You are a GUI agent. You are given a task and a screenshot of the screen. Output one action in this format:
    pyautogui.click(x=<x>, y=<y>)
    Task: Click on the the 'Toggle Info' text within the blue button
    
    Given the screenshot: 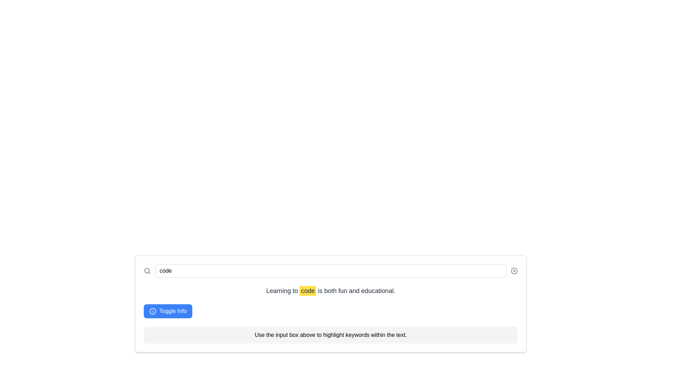 What is the action you would take?
    pyautogui.click(x=173, y=311)
    